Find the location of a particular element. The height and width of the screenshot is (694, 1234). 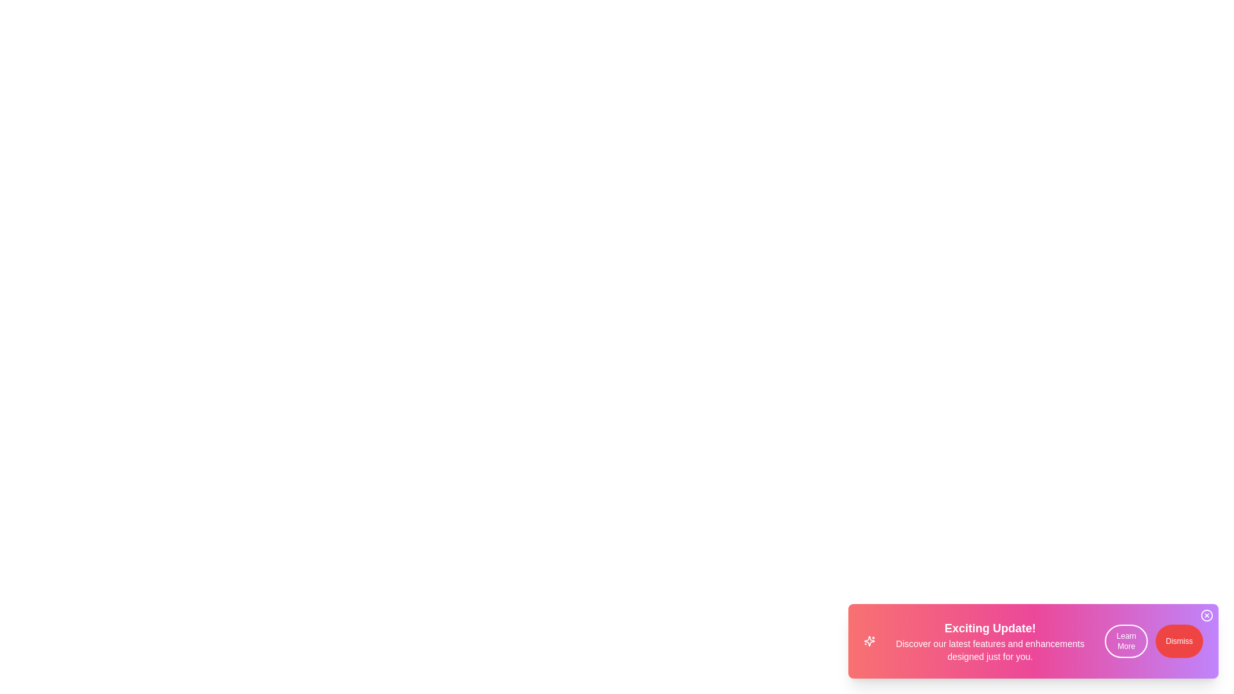

the close icon in the top-right corner of the snackbar to close it is located at coordinates (1206, 614).